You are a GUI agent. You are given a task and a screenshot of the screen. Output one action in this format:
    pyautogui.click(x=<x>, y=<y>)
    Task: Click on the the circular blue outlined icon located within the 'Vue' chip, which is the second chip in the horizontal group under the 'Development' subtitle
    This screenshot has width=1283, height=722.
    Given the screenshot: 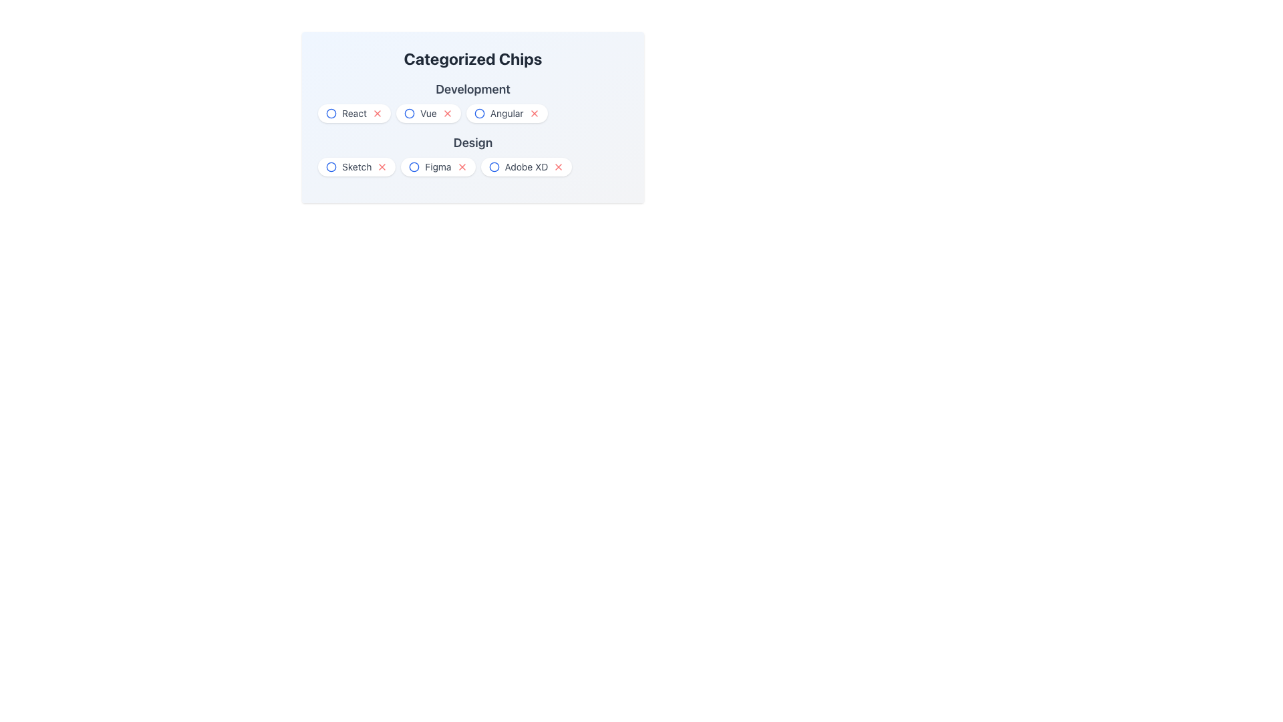 What is the action you would take?
    pyautogui.click(x=409, y=112)
    